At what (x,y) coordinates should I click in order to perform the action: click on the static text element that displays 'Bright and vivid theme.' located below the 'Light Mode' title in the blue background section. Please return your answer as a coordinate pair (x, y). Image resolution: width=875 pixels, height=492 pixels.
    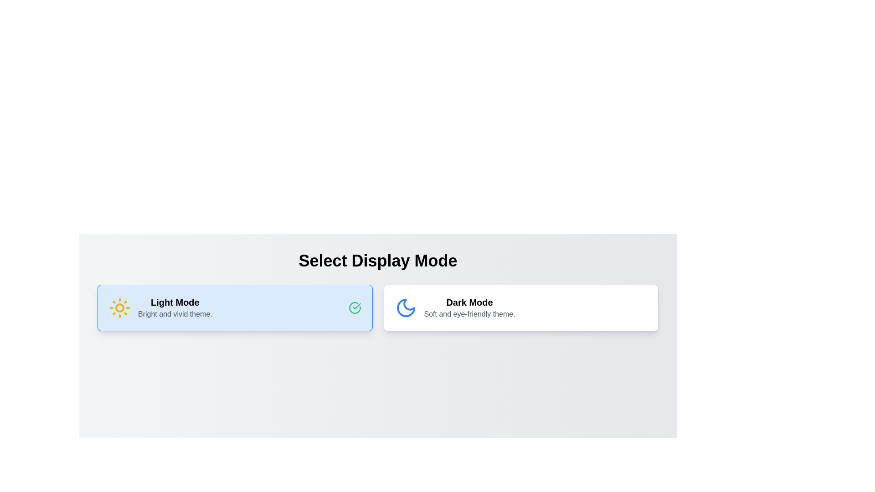
    Looking at the image, I should click on (175, 314).